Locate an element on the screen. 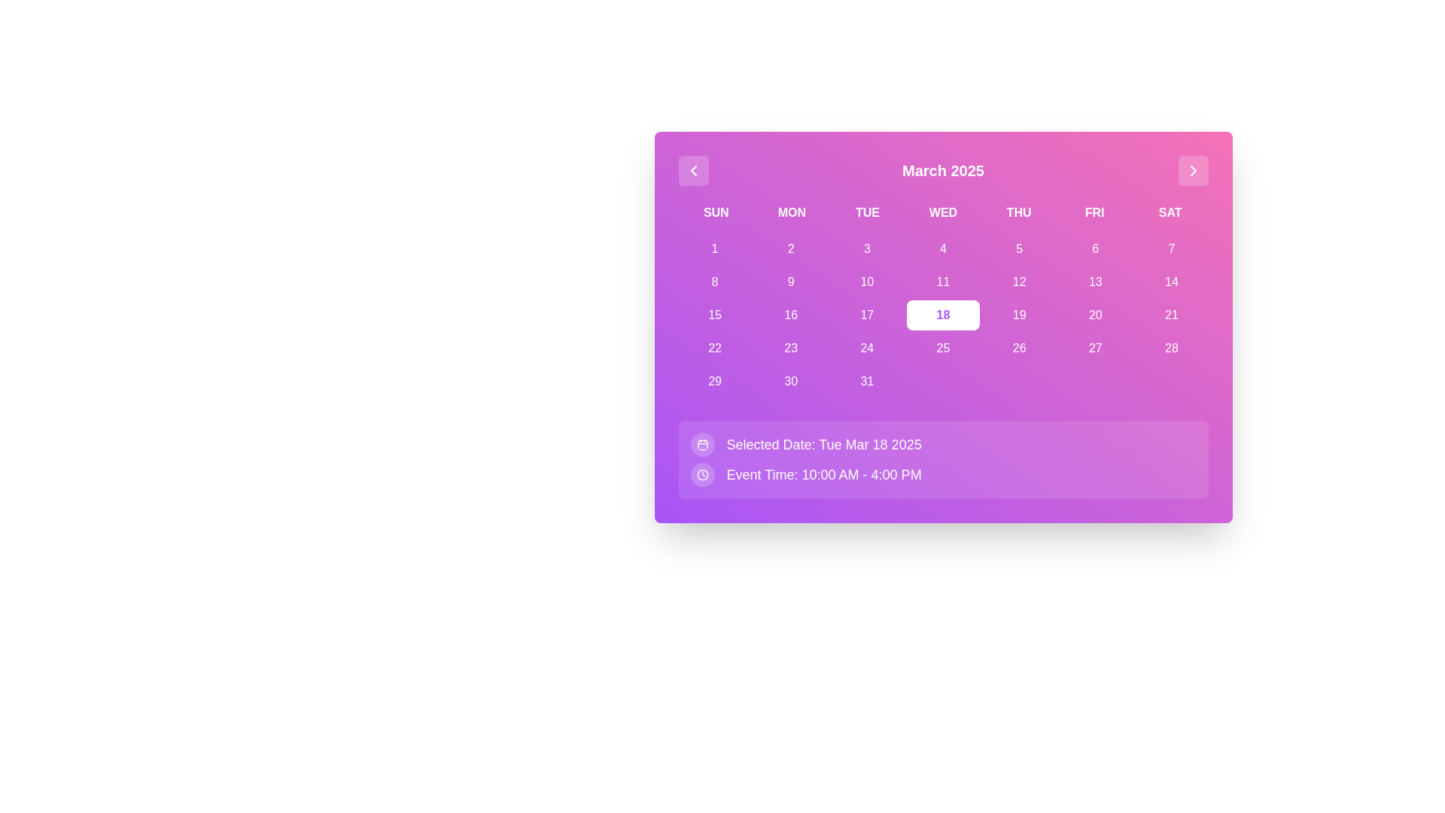  the selectable date button representing the date '29' in the calendar interface is located at coordinates (714, 380).